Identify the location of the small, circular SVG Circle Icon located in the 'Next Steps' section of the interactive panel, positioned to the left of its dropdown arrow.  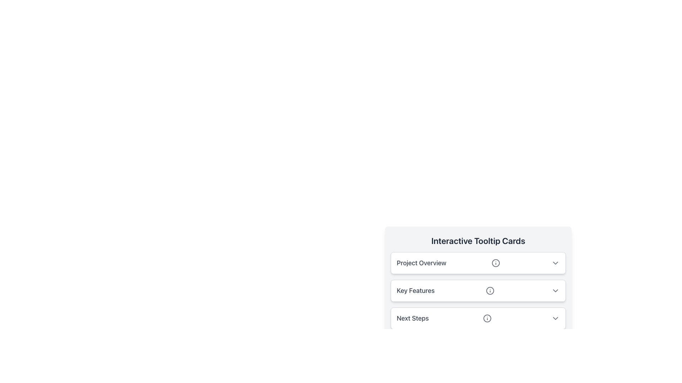
(487, 318).